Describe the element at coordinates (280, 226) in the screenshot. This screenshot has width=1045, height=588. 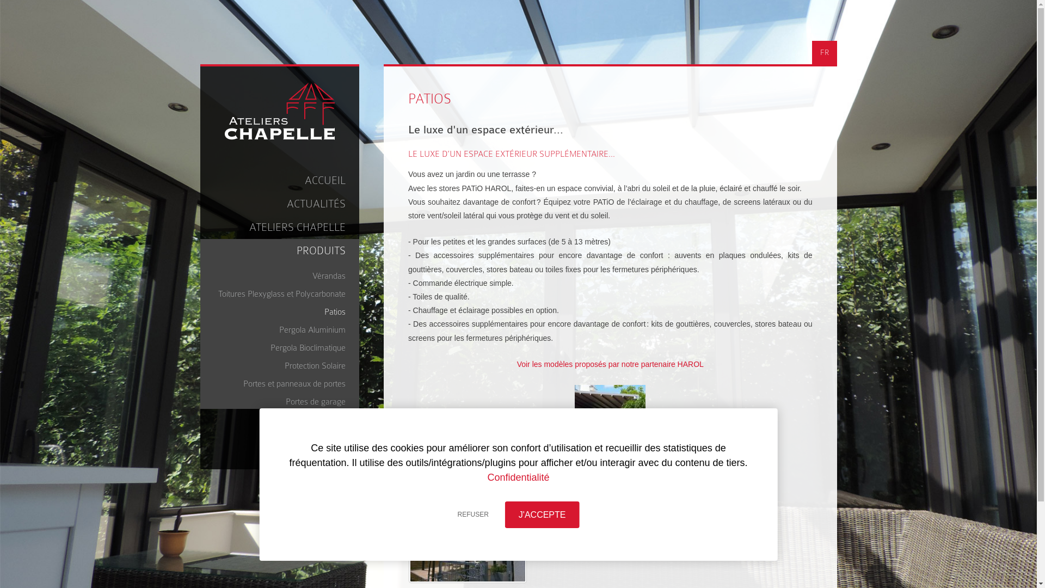
I see `'ATELIERS CHAPELLE'` at that location.